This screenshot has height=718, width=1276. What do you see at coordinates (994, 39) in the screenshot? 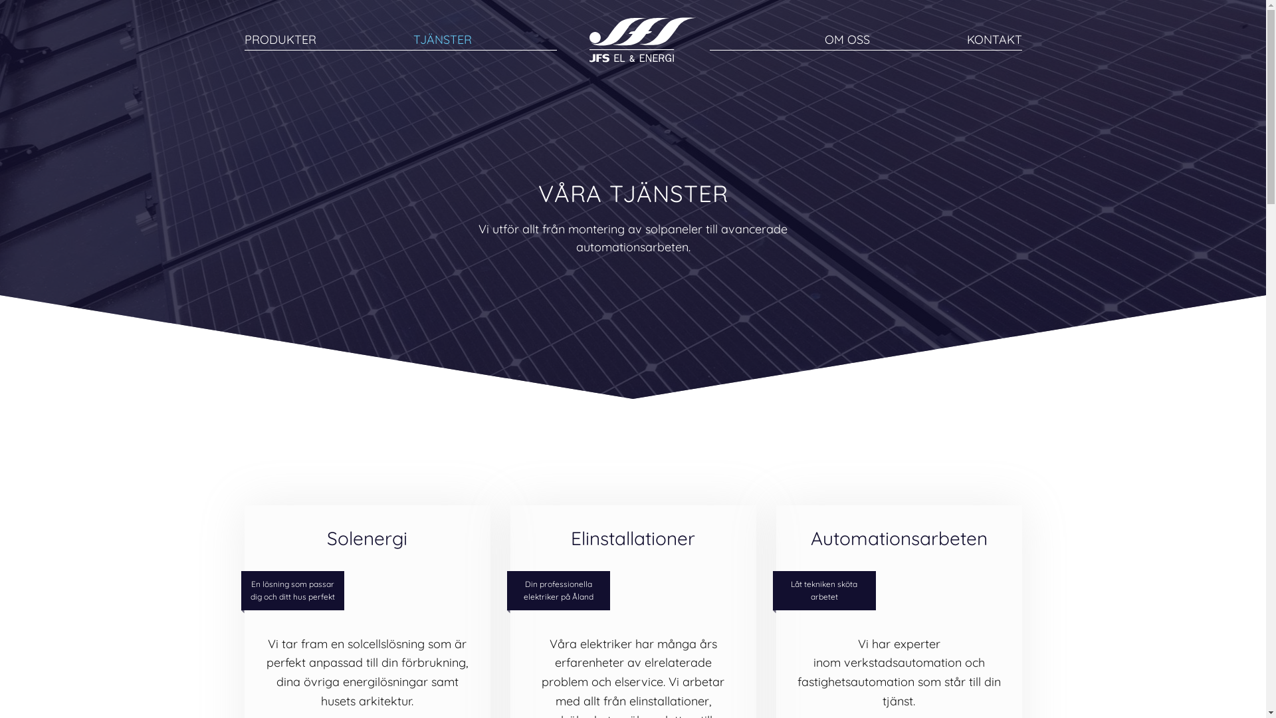
I see `'KONTAKT'` at bounding box center [994, 39].